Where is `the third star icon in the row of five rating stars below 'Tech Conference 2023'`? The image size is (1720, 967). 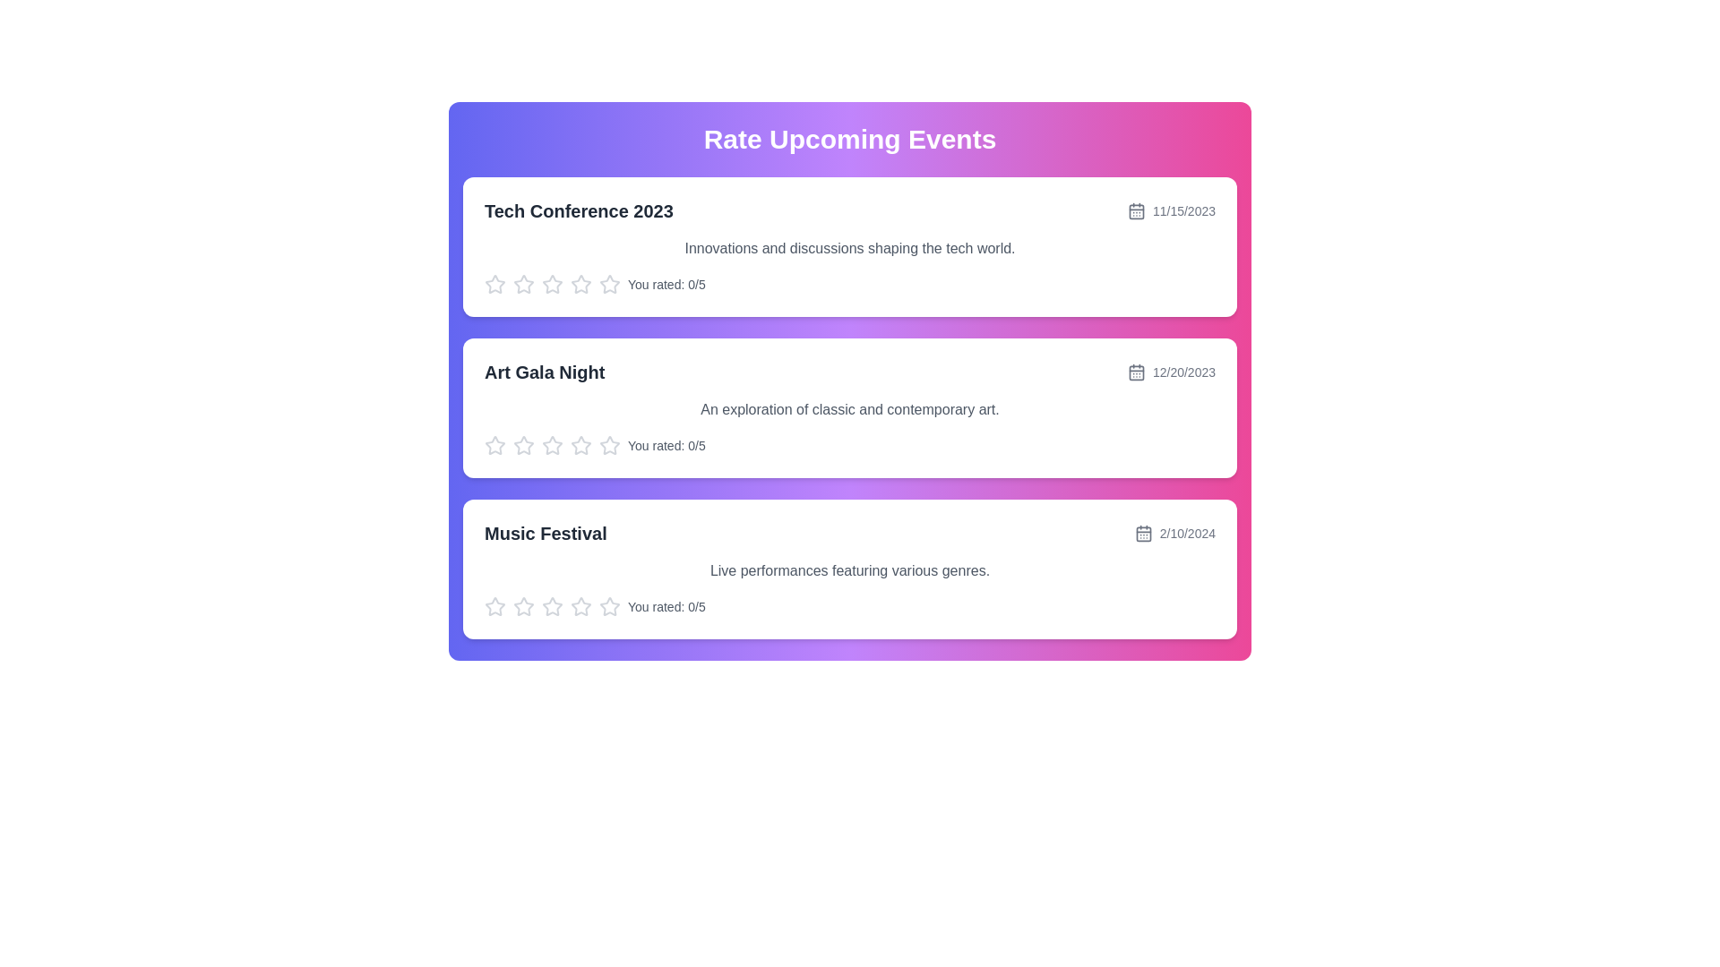 the third star icon in the row of five rating stars below 'Tech Conference 2023' is located at coordinates (580, 283).